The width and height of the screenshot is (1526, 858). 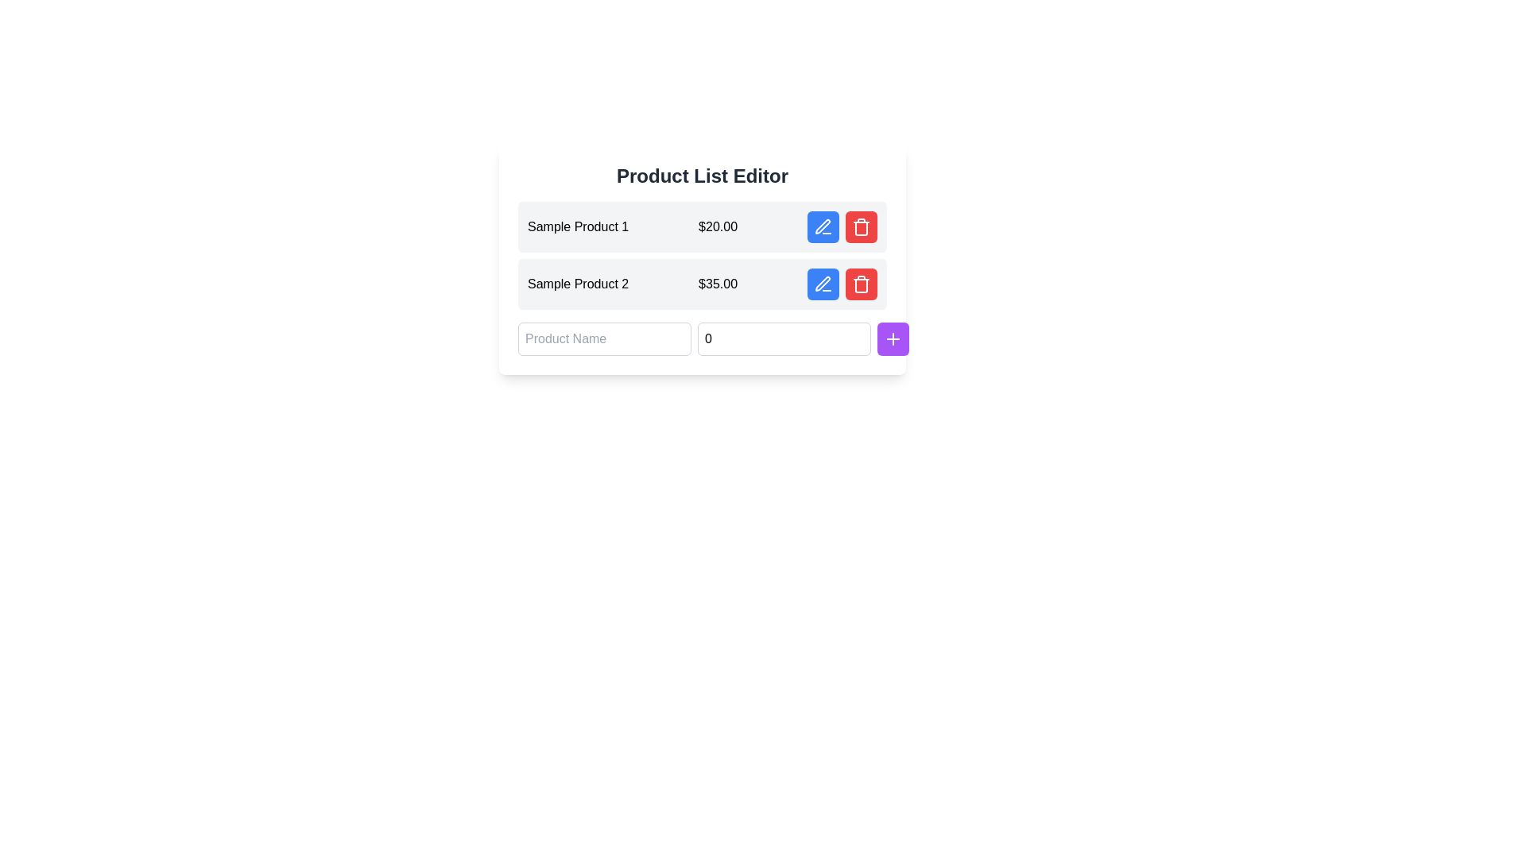 What do you see at coordinates (861, 284) in the screenshot?
I see `the central part of the trash can icon, which is part of the red-colored delete button to the right of the product listing entry` at bounding box center [861, 284].